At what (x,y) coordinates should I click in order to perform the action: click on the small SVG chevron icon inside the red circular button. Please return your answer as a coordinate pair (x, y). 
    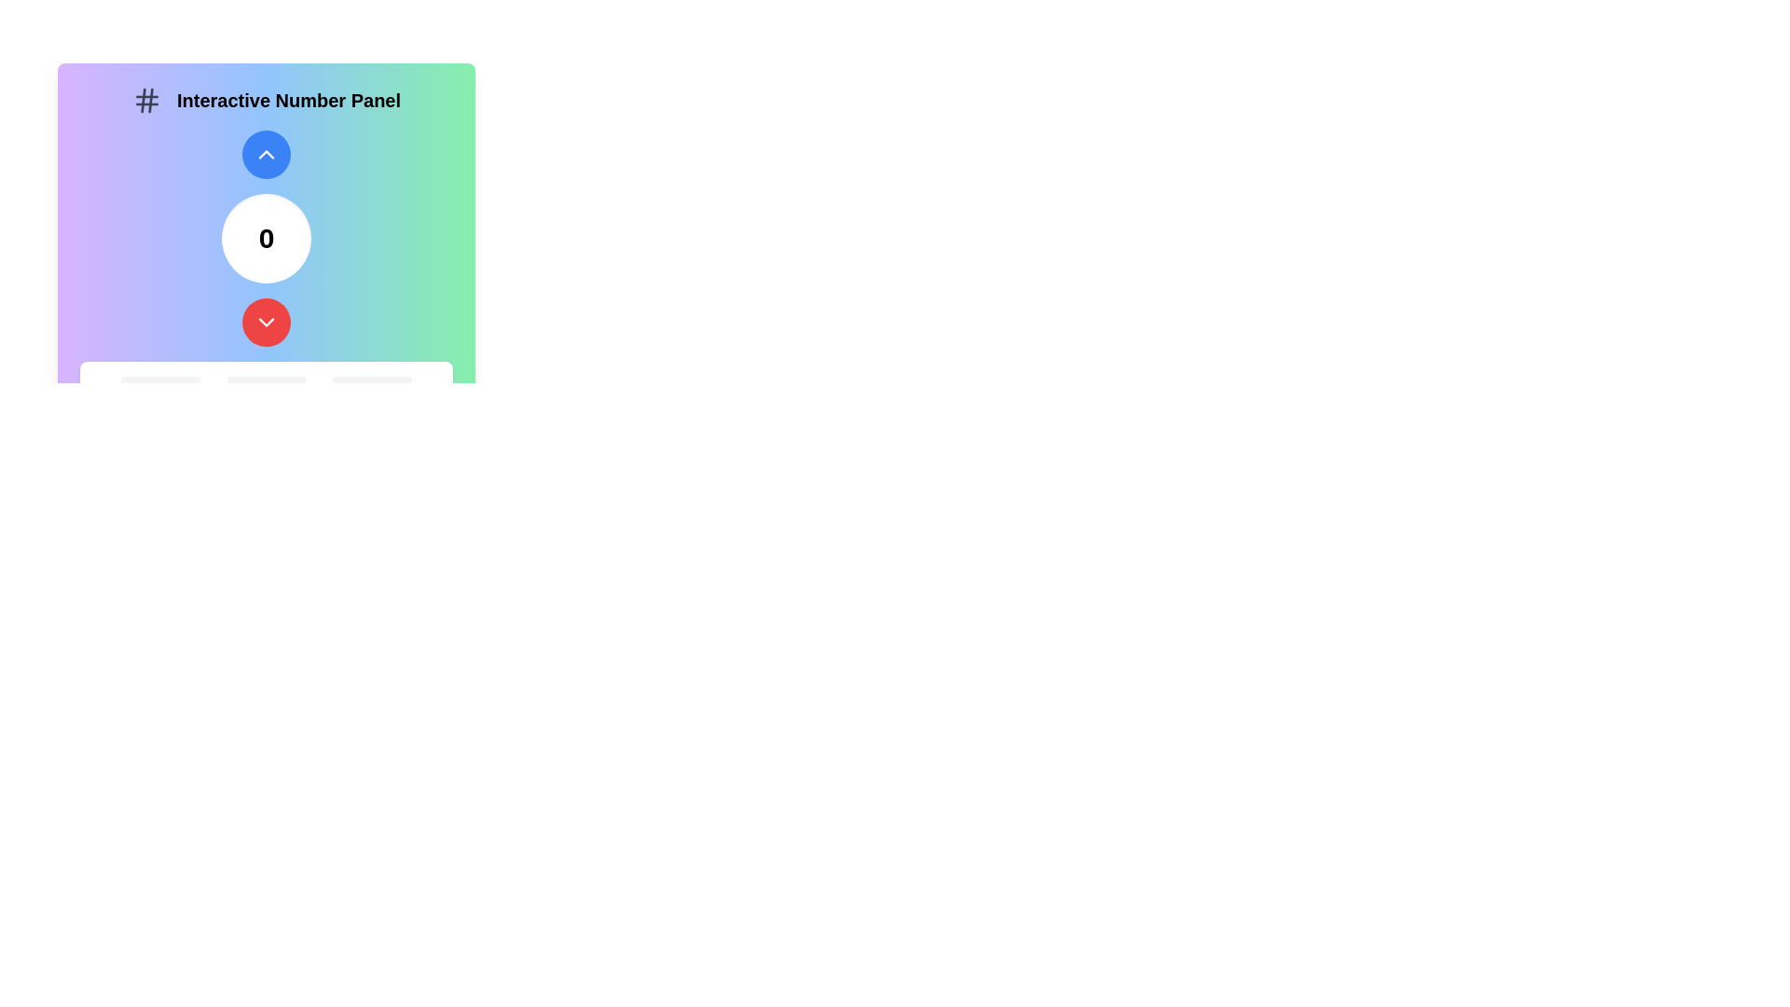
    Looking at the image, I should click on (266, 322).